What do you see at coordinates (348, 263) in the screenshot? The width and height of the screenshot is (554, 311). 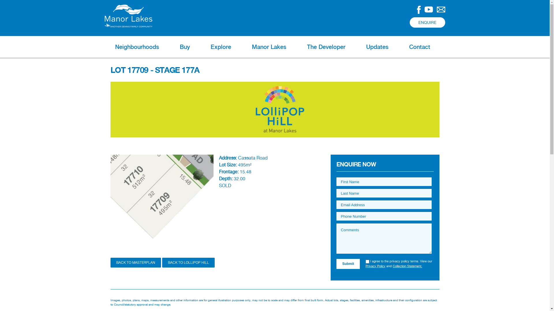 I see `'Submit'` at bounding box center [348, 263].